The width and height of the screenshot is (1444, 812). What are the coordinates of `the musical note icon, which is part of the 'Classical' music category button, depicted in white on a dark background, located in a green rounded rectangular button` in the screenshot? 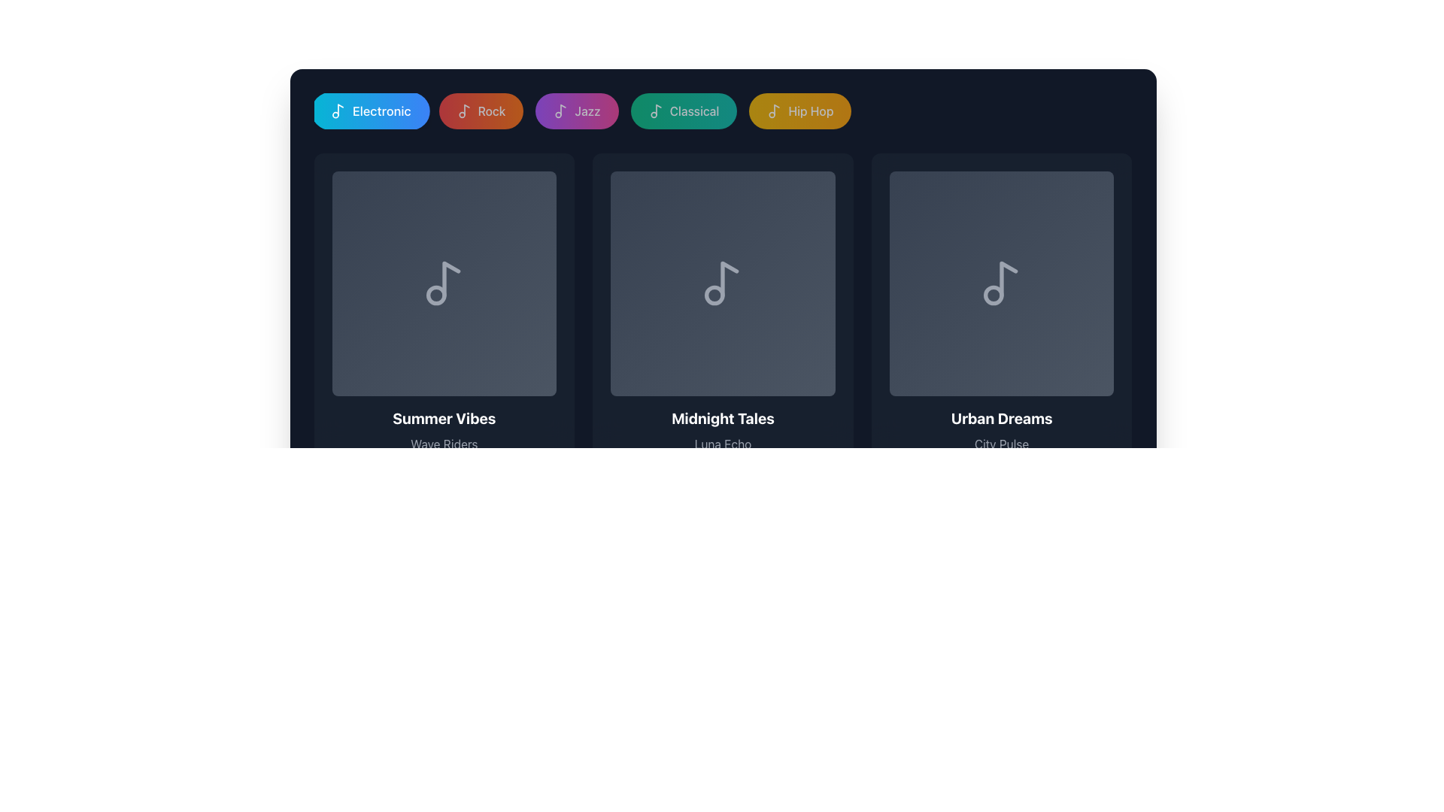 It's located at (658, 109).